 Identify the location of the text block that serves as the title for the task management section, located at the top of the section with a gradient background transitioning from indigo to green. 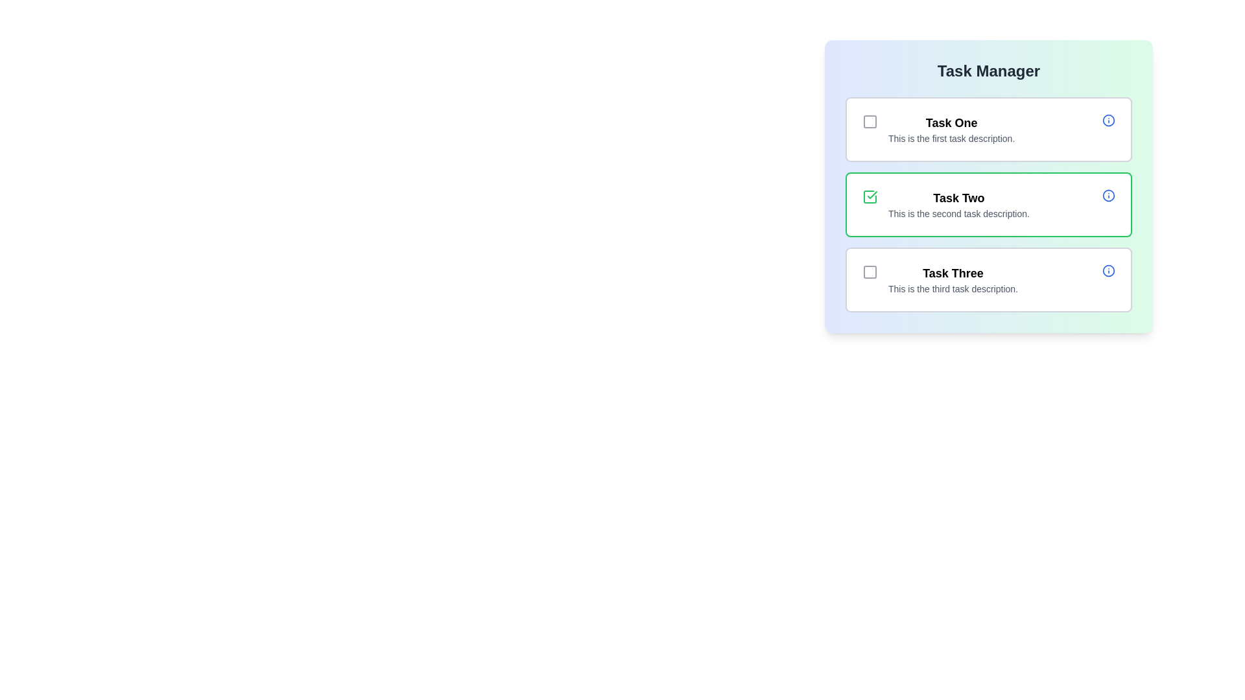
(988, 71).